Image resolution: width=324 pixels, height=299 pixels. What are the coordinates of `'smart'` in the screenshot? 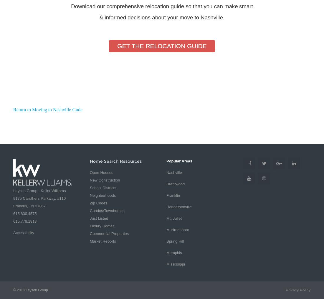 It's located at (246, 6).